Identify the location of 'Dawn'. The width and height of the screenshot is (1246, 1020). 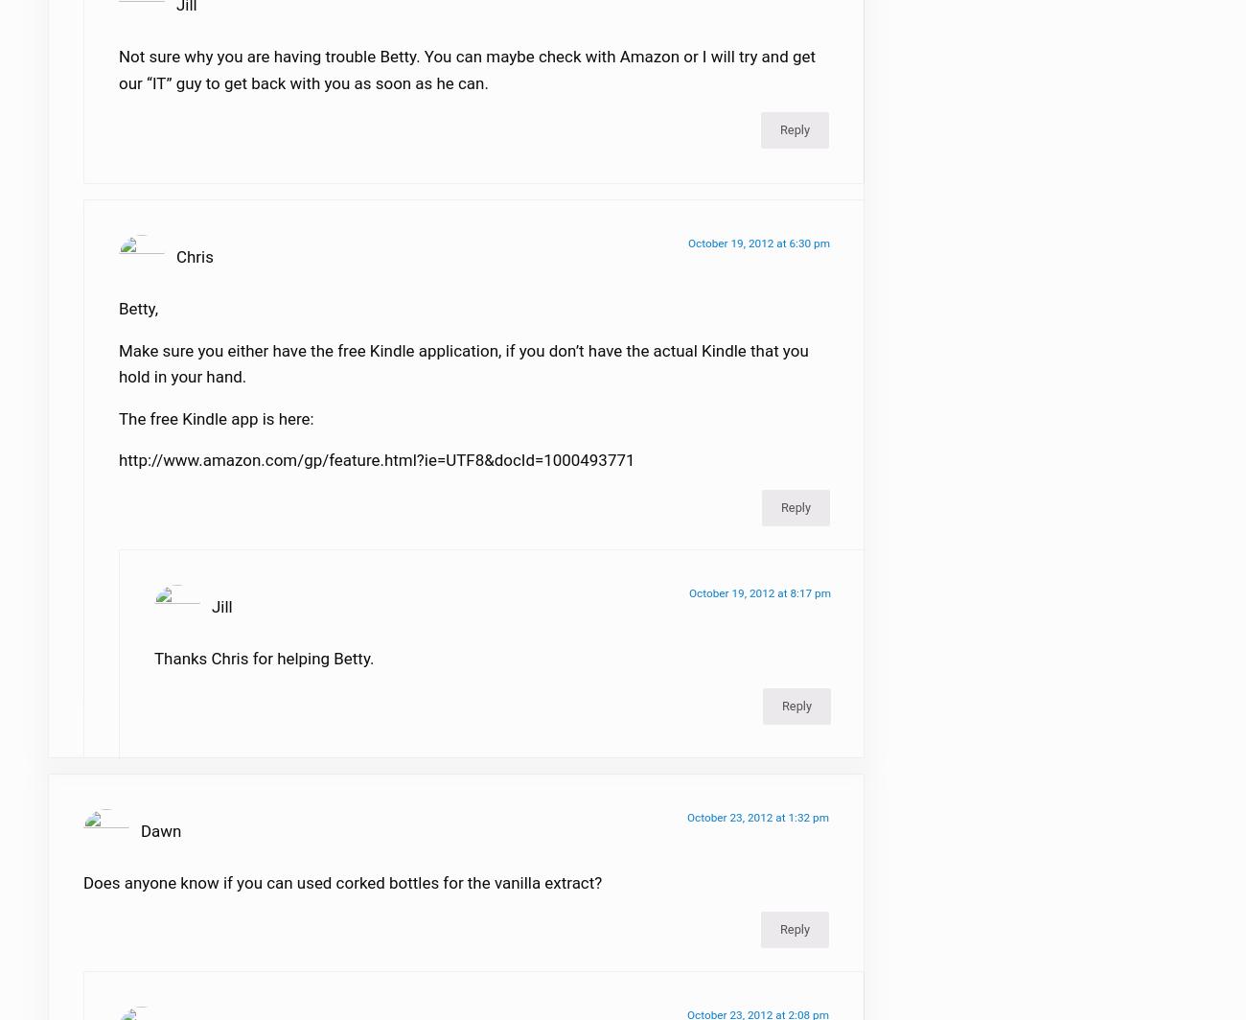
(160, 842).